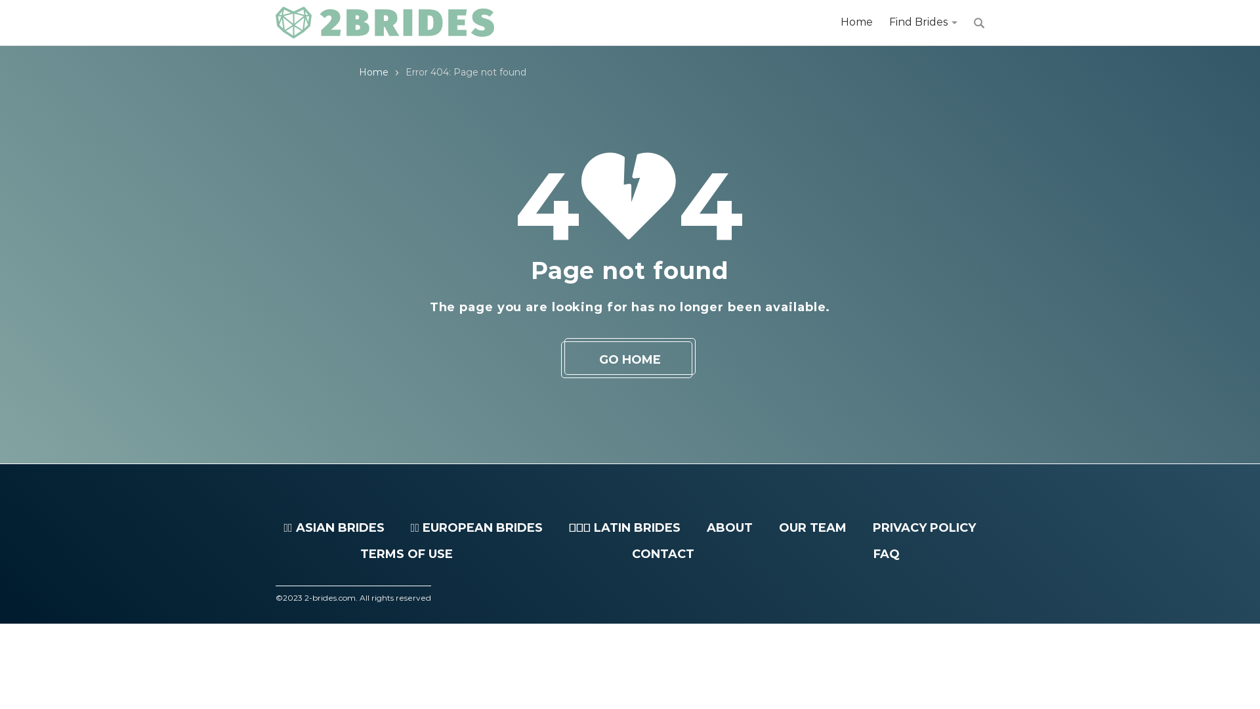  I want to click on '2Brides', so click(384, 22).